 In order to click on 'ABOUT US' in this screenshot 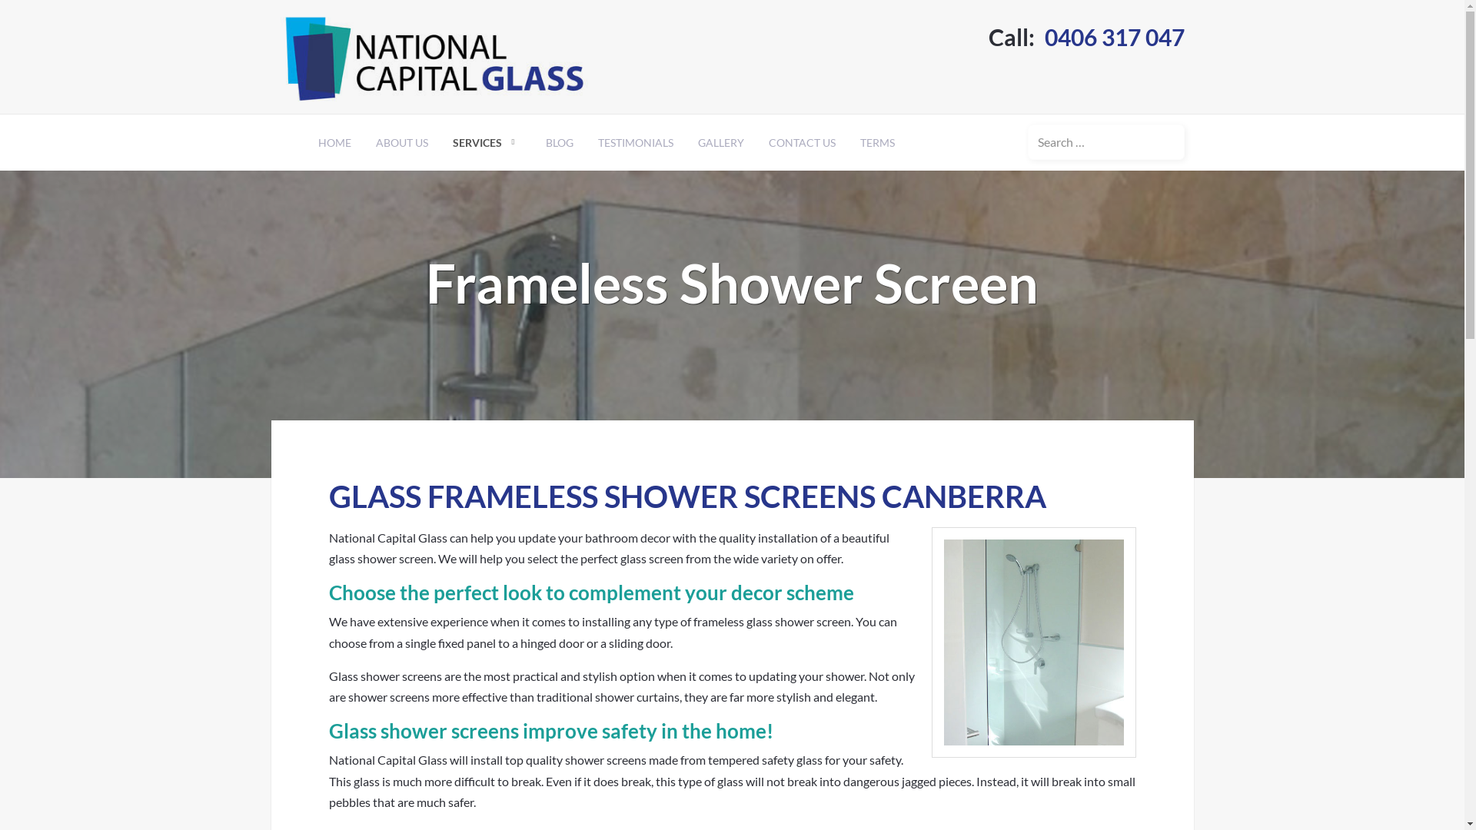, I will do `click(401, 142)`.